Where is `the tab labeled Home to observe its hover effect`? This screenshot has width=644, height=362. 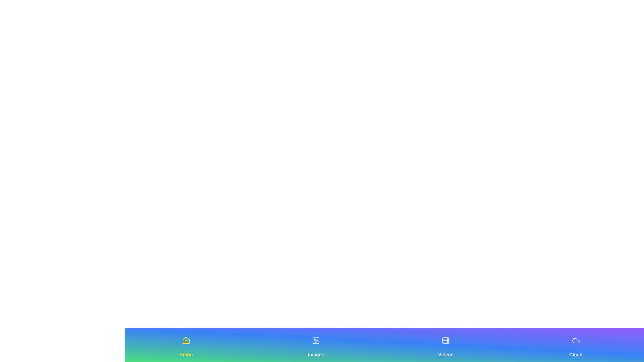
the tab labeled Home to observe its hover effect is located at coordinates (186, 345).